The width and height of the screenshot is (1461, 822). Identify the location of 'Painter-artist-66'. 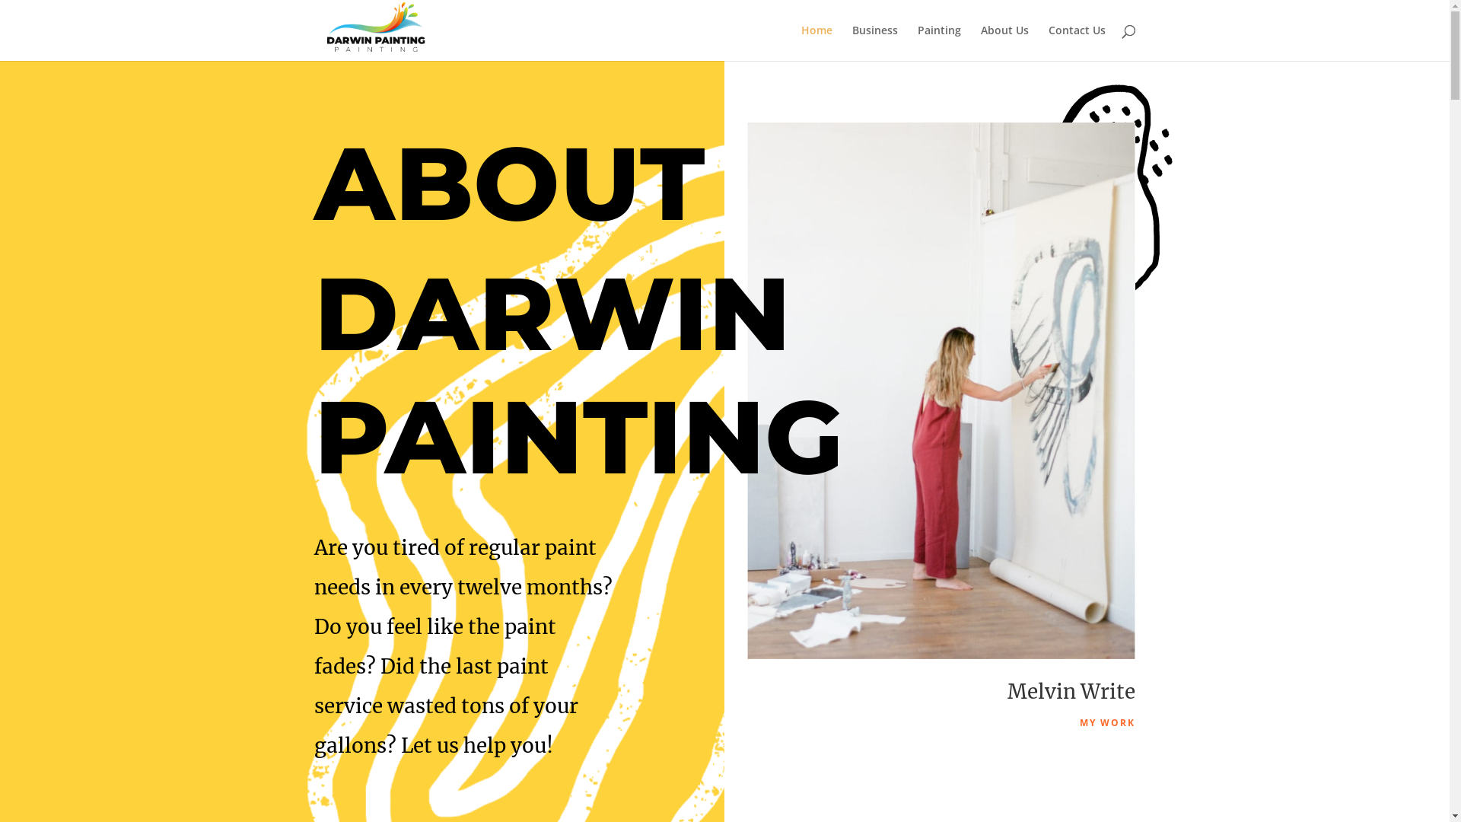
(941, 390).